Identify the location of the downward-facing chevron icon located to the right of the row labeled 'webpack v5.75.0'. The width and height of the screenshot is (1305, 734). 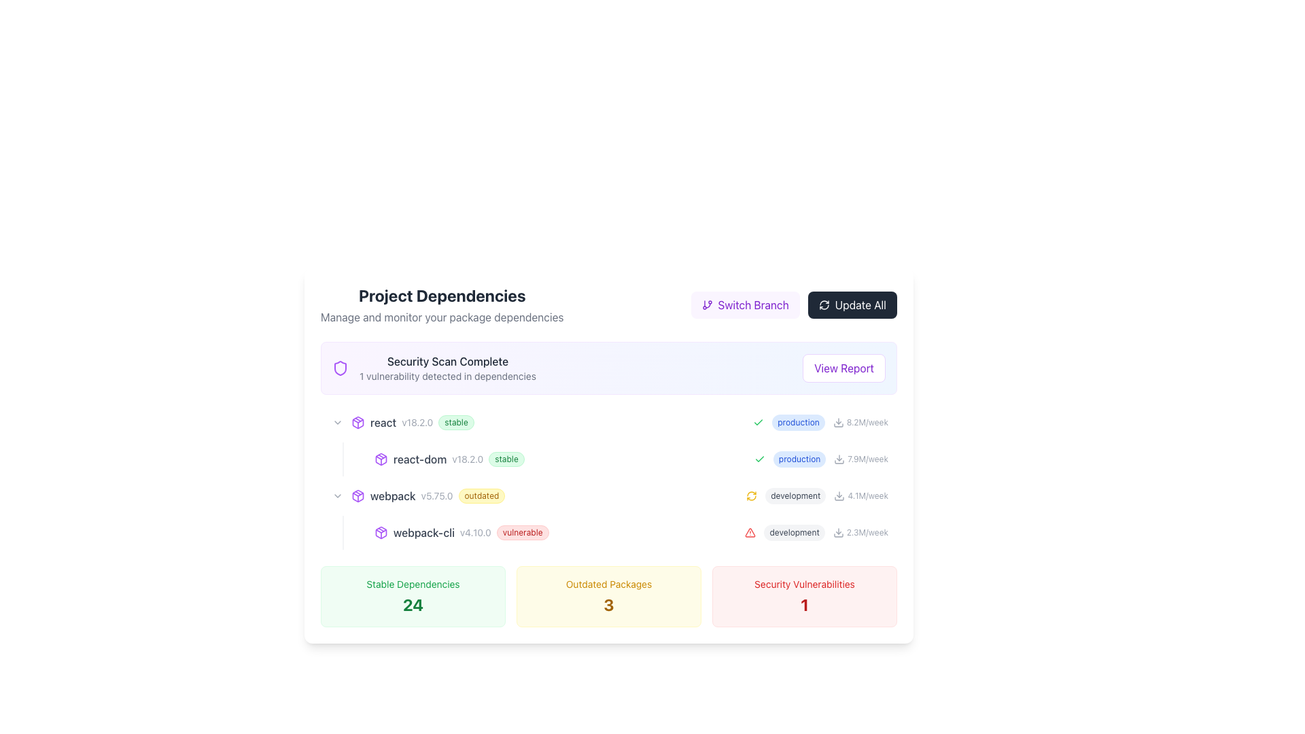
(338, 421).